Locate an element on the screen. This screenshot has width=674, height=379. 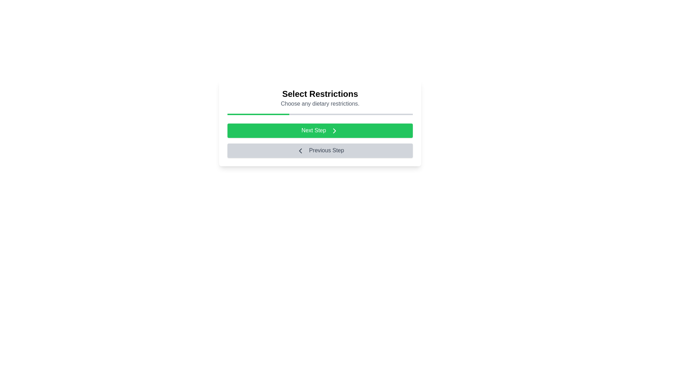
'Previous Step' button to go back to the previous step is located at coordinates (320, 150).